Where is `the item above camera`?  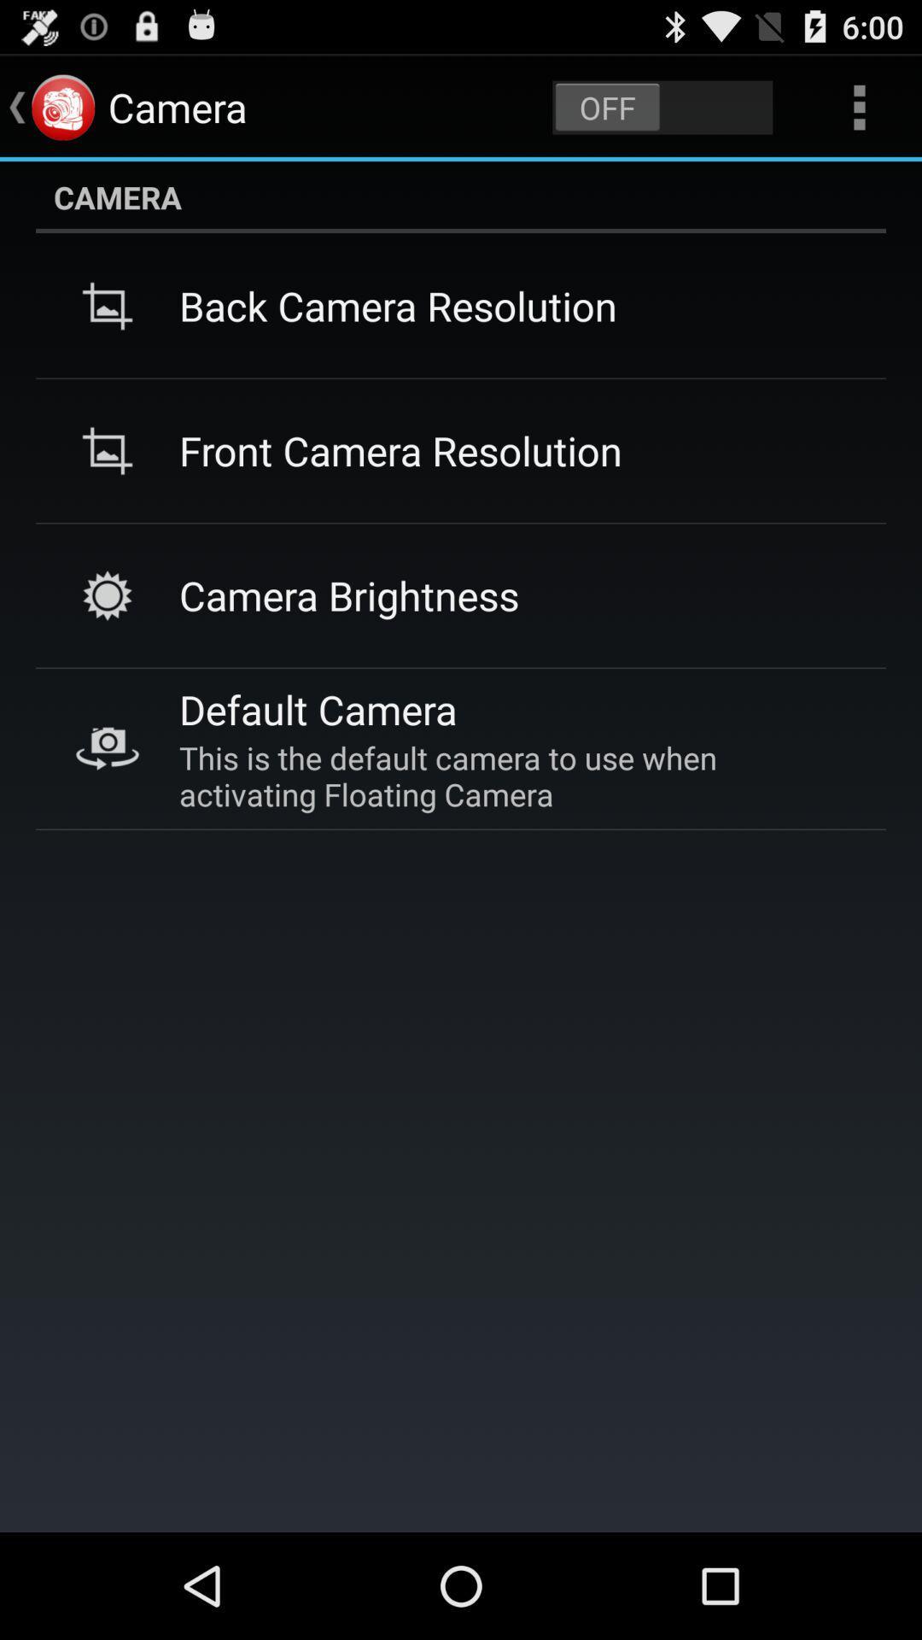 the item above camera is located at coordinates (859, 106).